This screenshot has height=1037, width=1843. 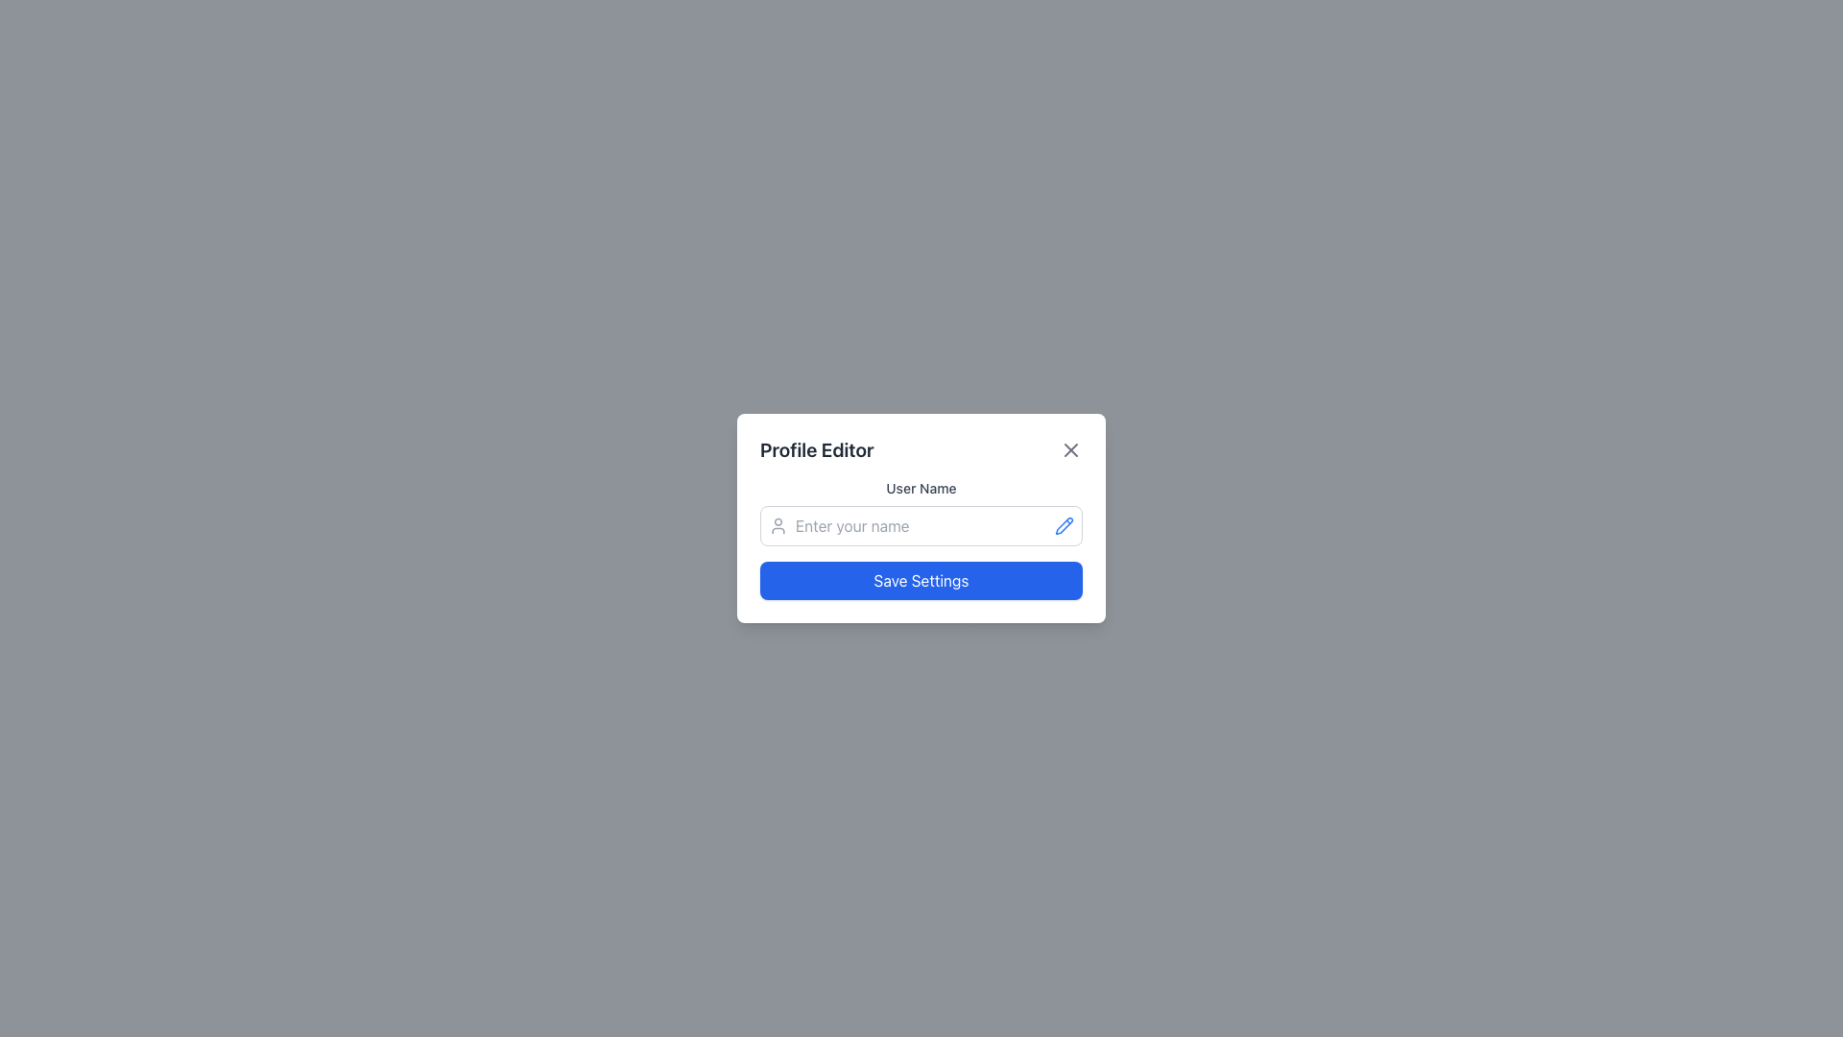 I want to click on the edit button positioned immediately to the right of the 'Enter your name' text input field in the Profile Editor dialog box, so click(x=1063, y=525).